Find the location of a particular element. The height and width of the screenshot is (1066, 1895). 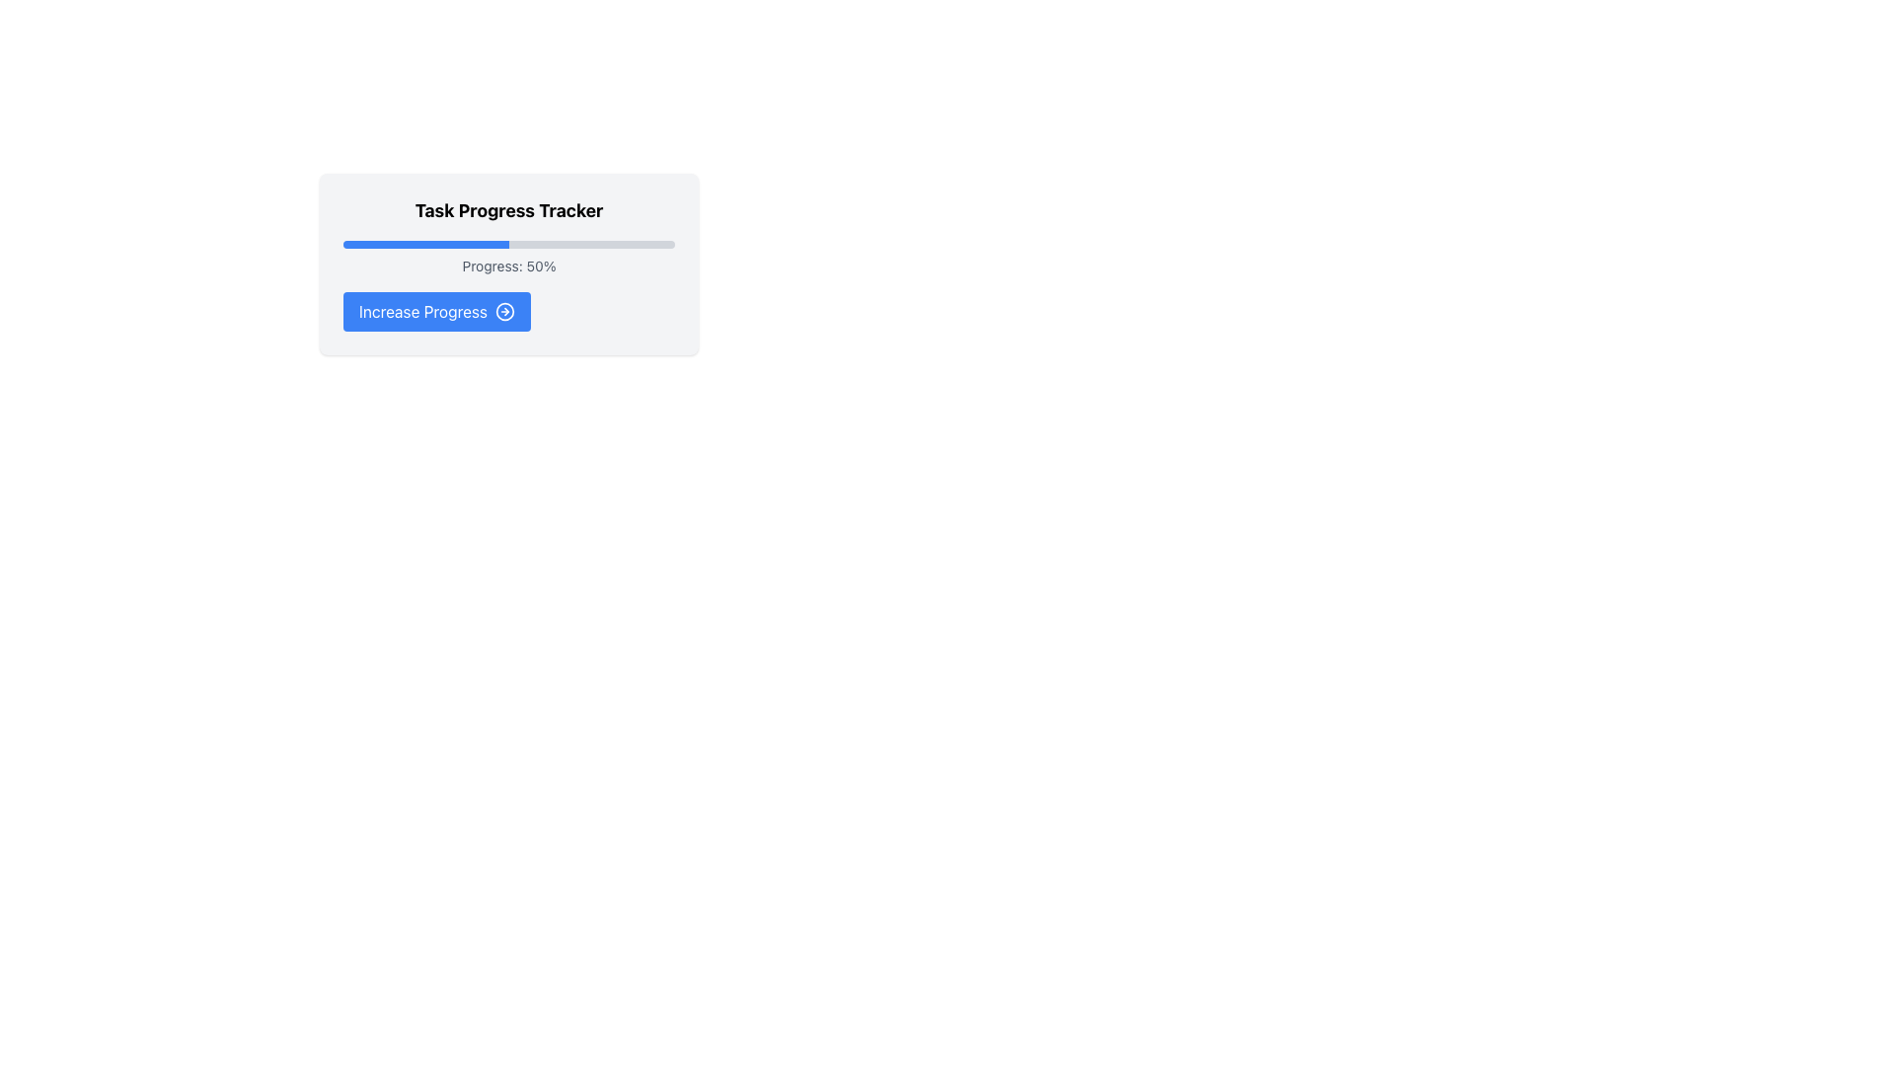

the static text element indicating the current state of progress, which reads '50%', located in the 'Task Progress Tracker' card, centered horizontally and positioned below the blue progress bar and above the 'Increase Progress' button is located at coordinates (508, 266).